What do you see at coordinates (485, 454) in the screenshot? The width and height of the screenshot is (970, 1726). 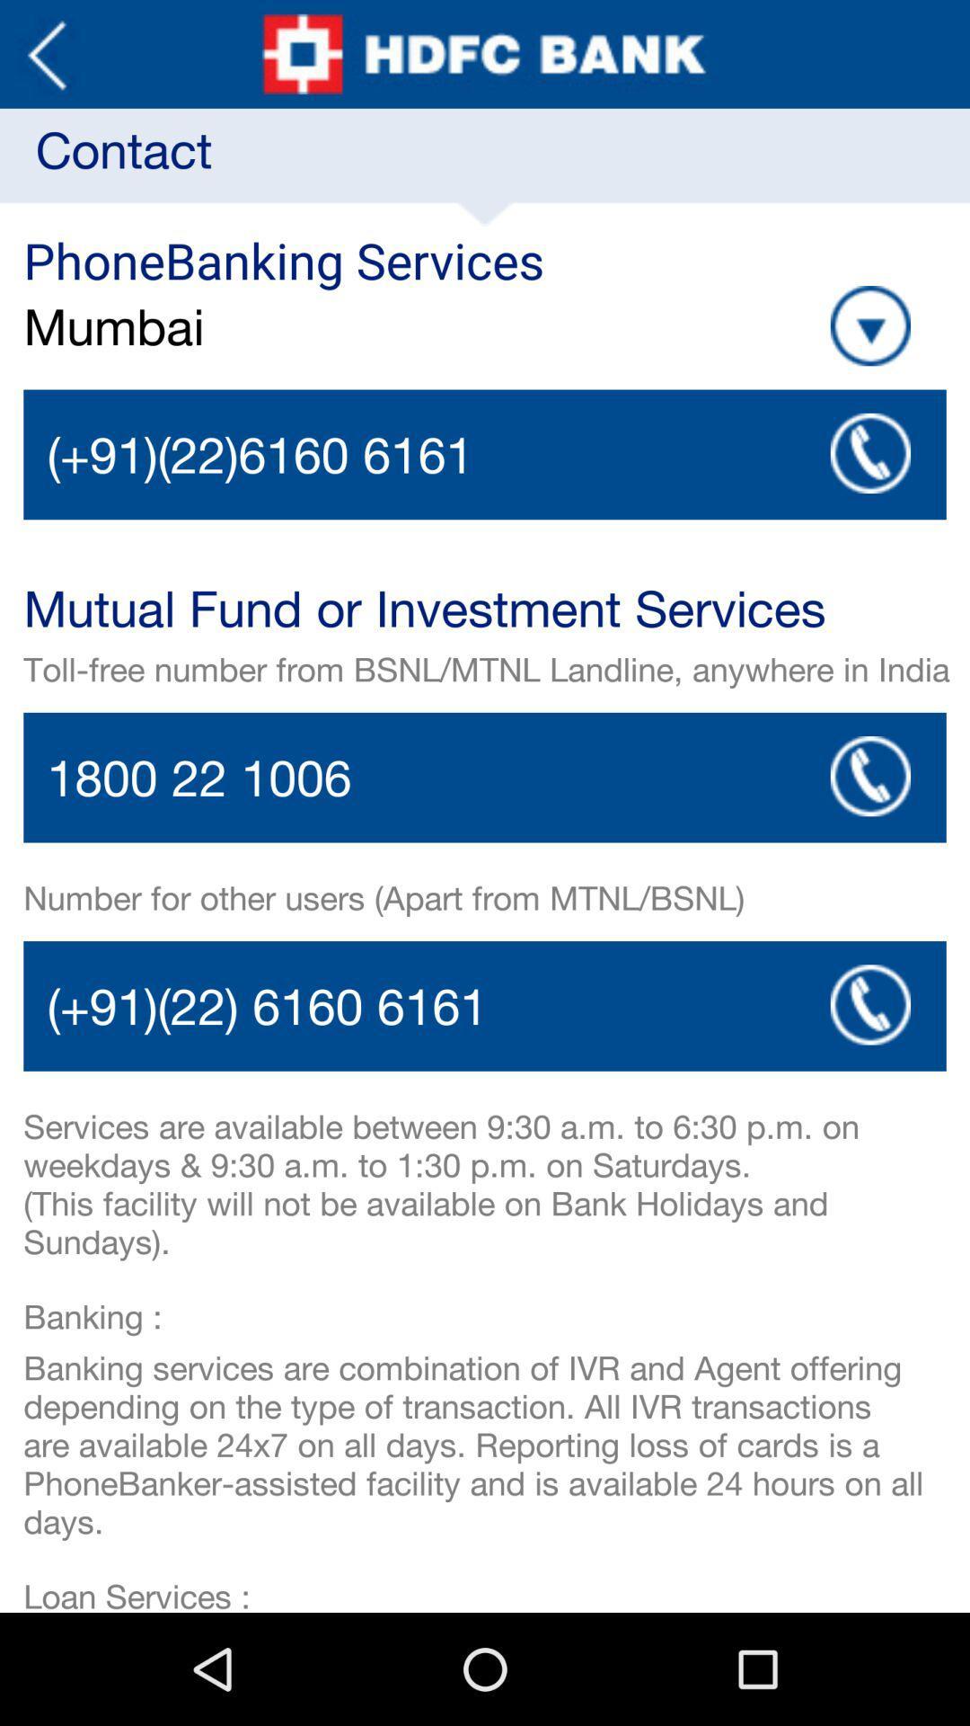 I see `call phone number` at bounding box center [485, 454].